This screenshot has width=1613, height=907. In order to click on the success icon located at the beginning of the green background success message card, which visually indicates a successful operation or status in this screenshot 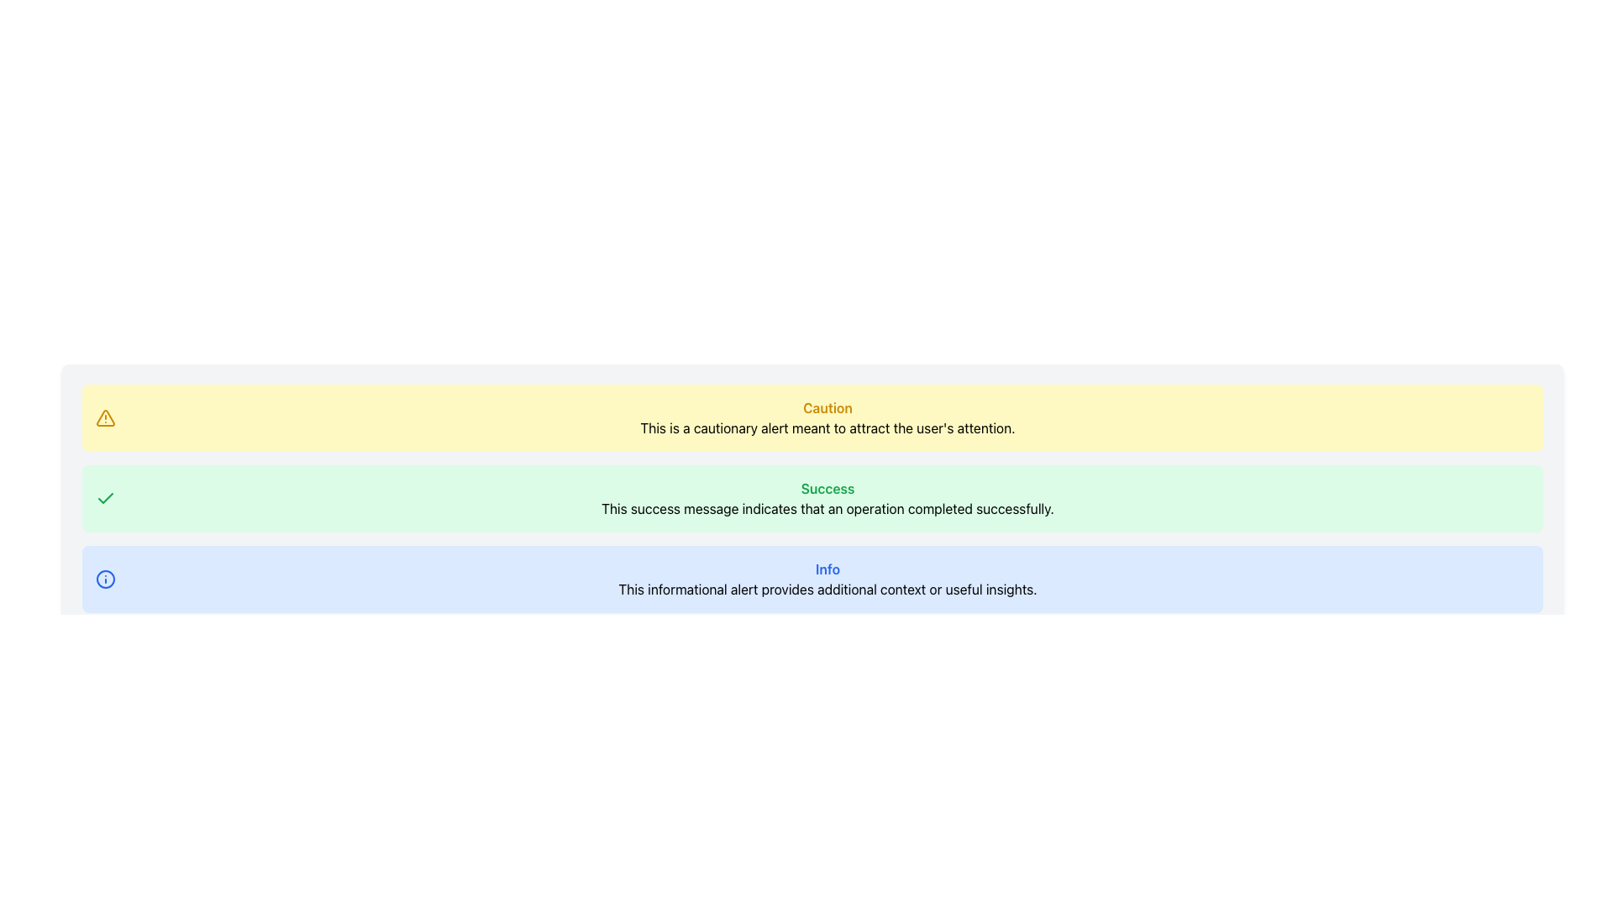, I will do `click(104, 498)`.